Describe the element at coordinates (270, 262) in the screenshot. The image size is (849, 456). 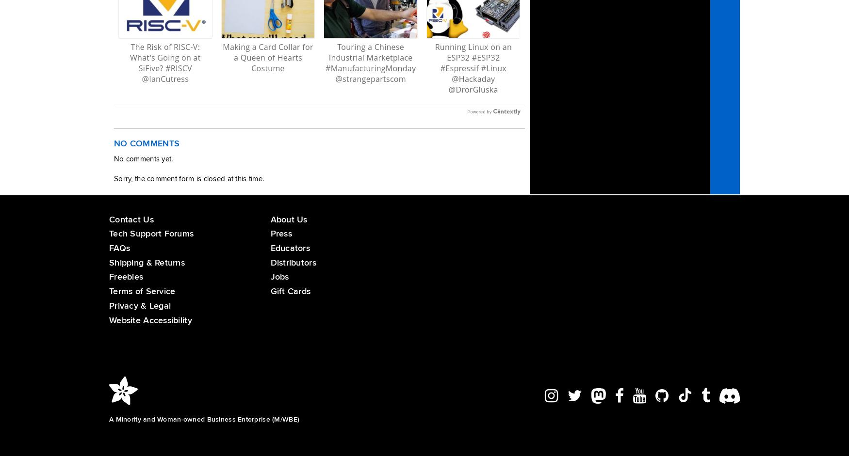
I see `'Distributors'` at that location.